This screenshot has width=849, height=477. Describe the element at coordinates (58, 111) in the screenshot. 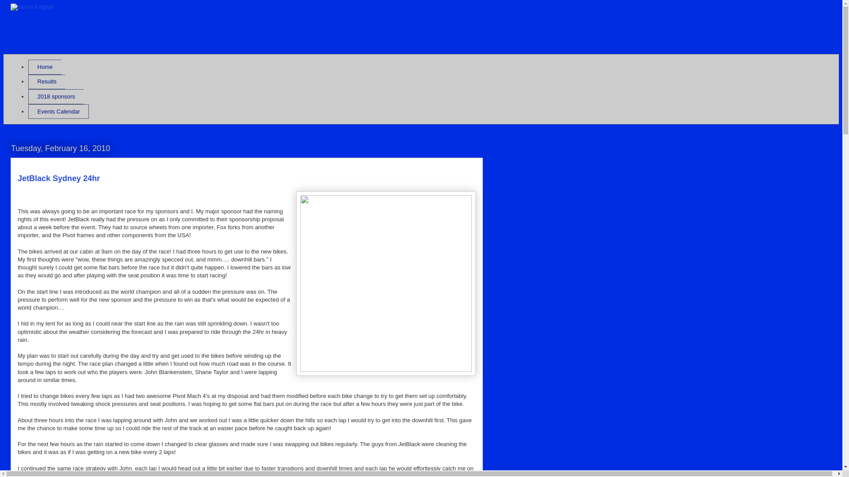

I see `'Events Calendar'` at that location.